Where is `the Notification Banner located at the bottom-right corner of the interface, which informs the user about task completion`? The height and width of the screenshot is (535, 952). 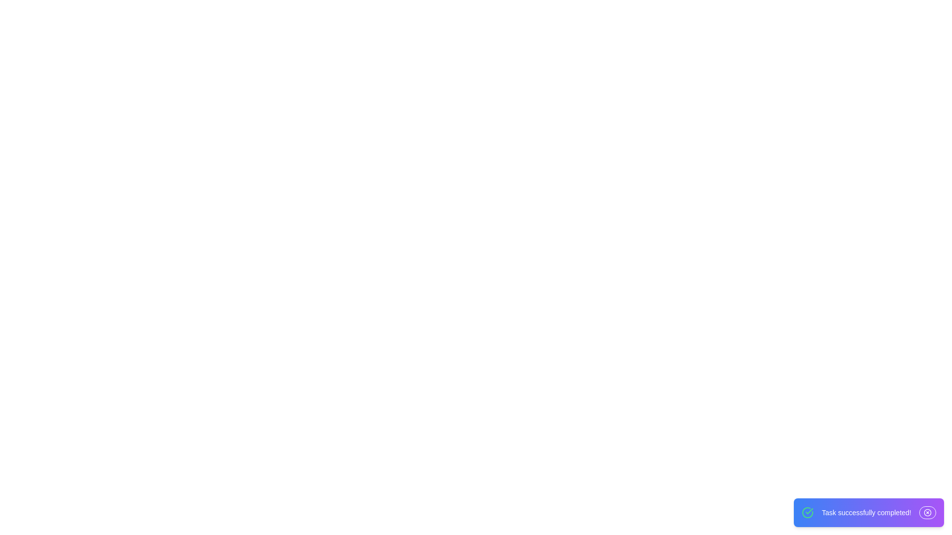
the Notification Banner located at the bottom-right corner of the interface, which informs the user about task completion is located at coordinates (868, 512).